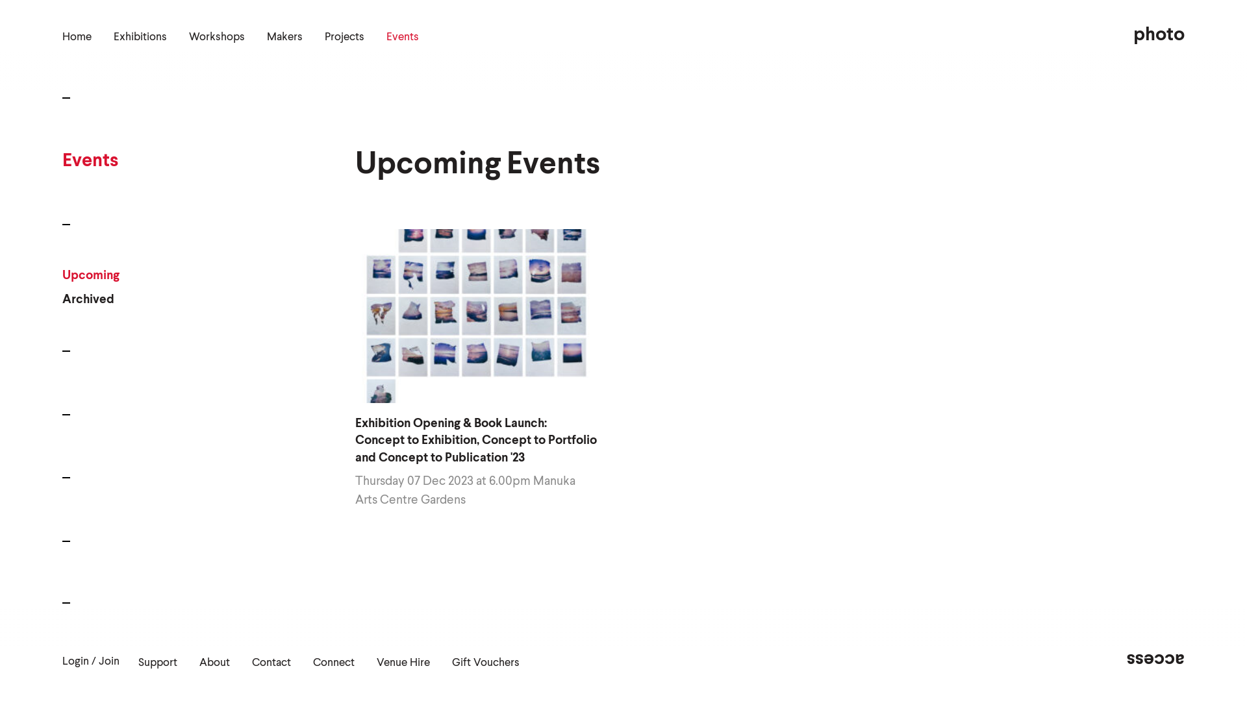 The image size is (1247, 701). Describe the element at coordinates (90, 300) in the screenshot. I see `'Archived'` at that location.